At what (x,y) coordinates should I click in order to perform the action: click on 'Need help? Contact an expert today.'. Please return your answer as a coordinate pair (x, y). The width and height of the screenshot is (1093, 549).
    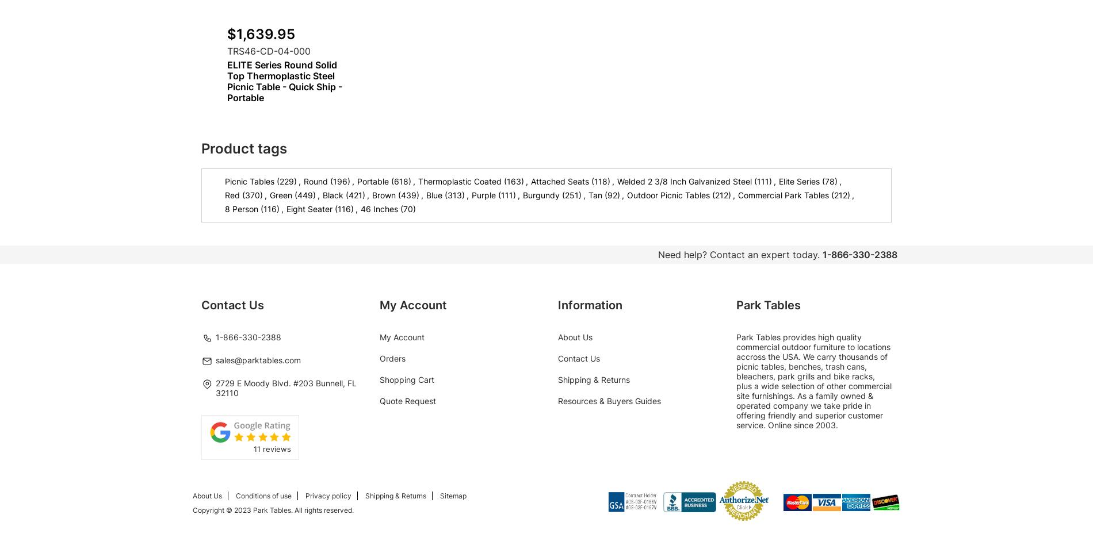
    Looking at the image, I should click on (738, 254).